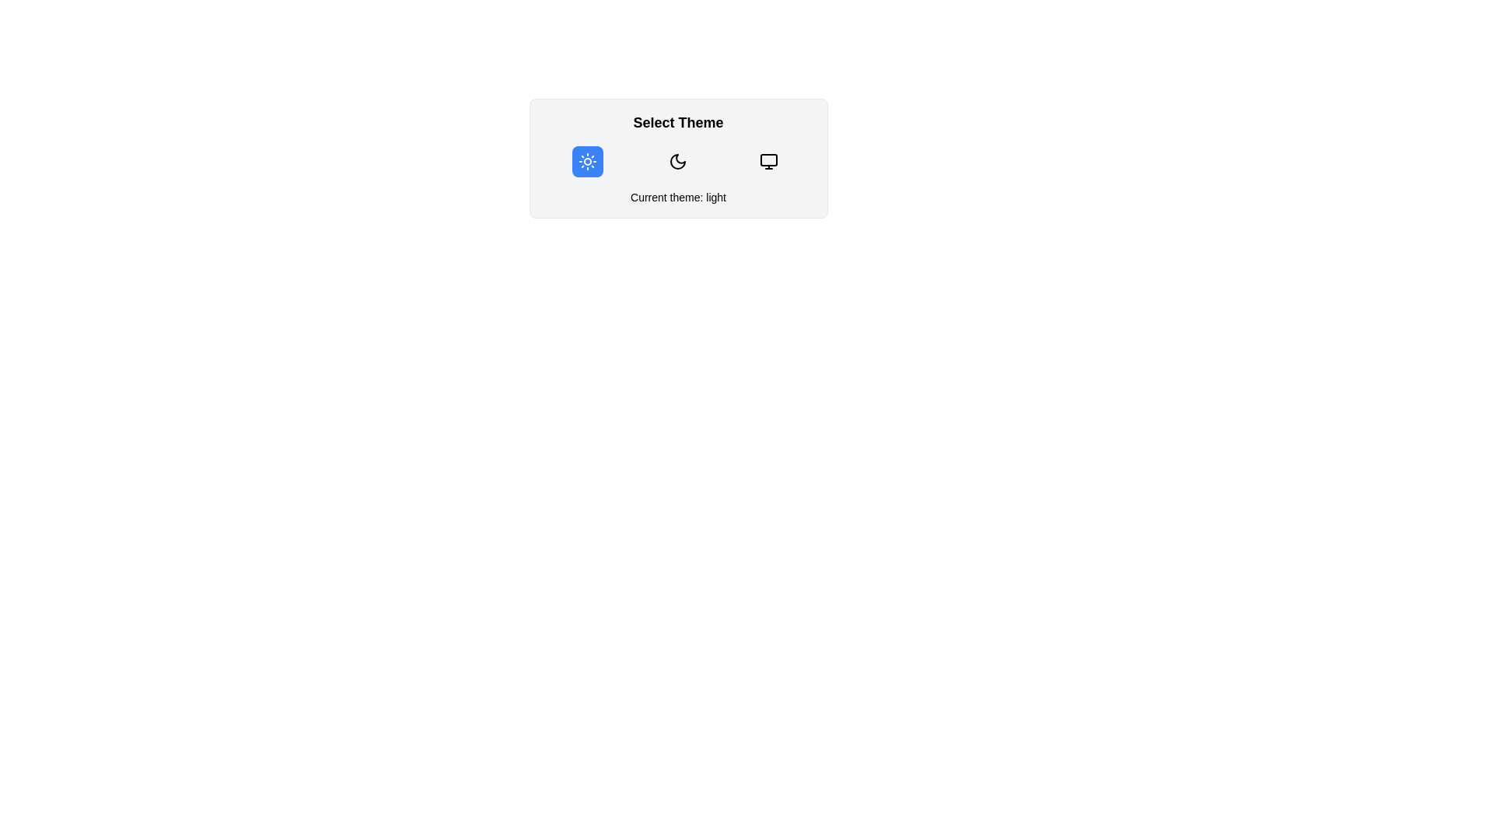 Image resolution: width=1493 pixels, height=840 pixels. I want to click on the crescent moon icon within the 'Select Theme' modal to potentially display a tooltip, so click(678, 162).